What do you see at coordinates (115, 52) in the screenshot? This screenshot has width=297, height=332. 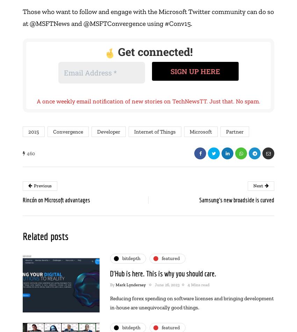 I see `'Get connected!'` at bounding box center [115, 52].